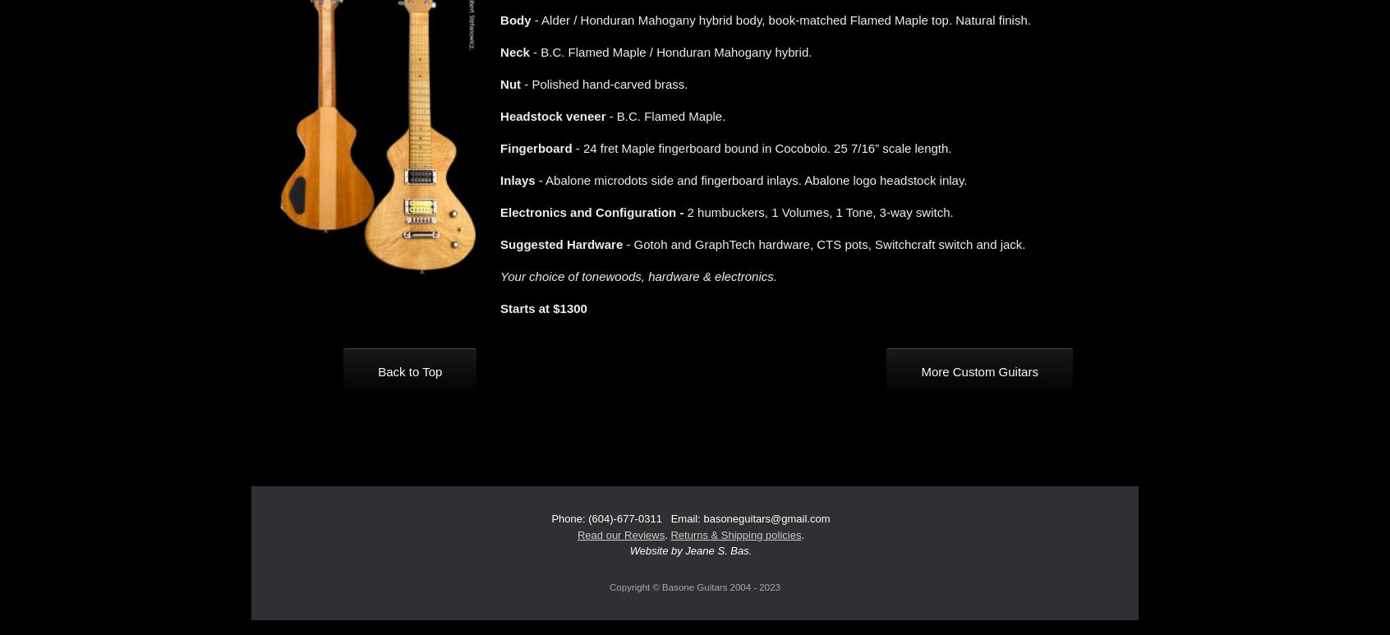 The height and width of the screenshot is (635, 1390). I want to click on 'Starts at $1300', so click(543, 308).